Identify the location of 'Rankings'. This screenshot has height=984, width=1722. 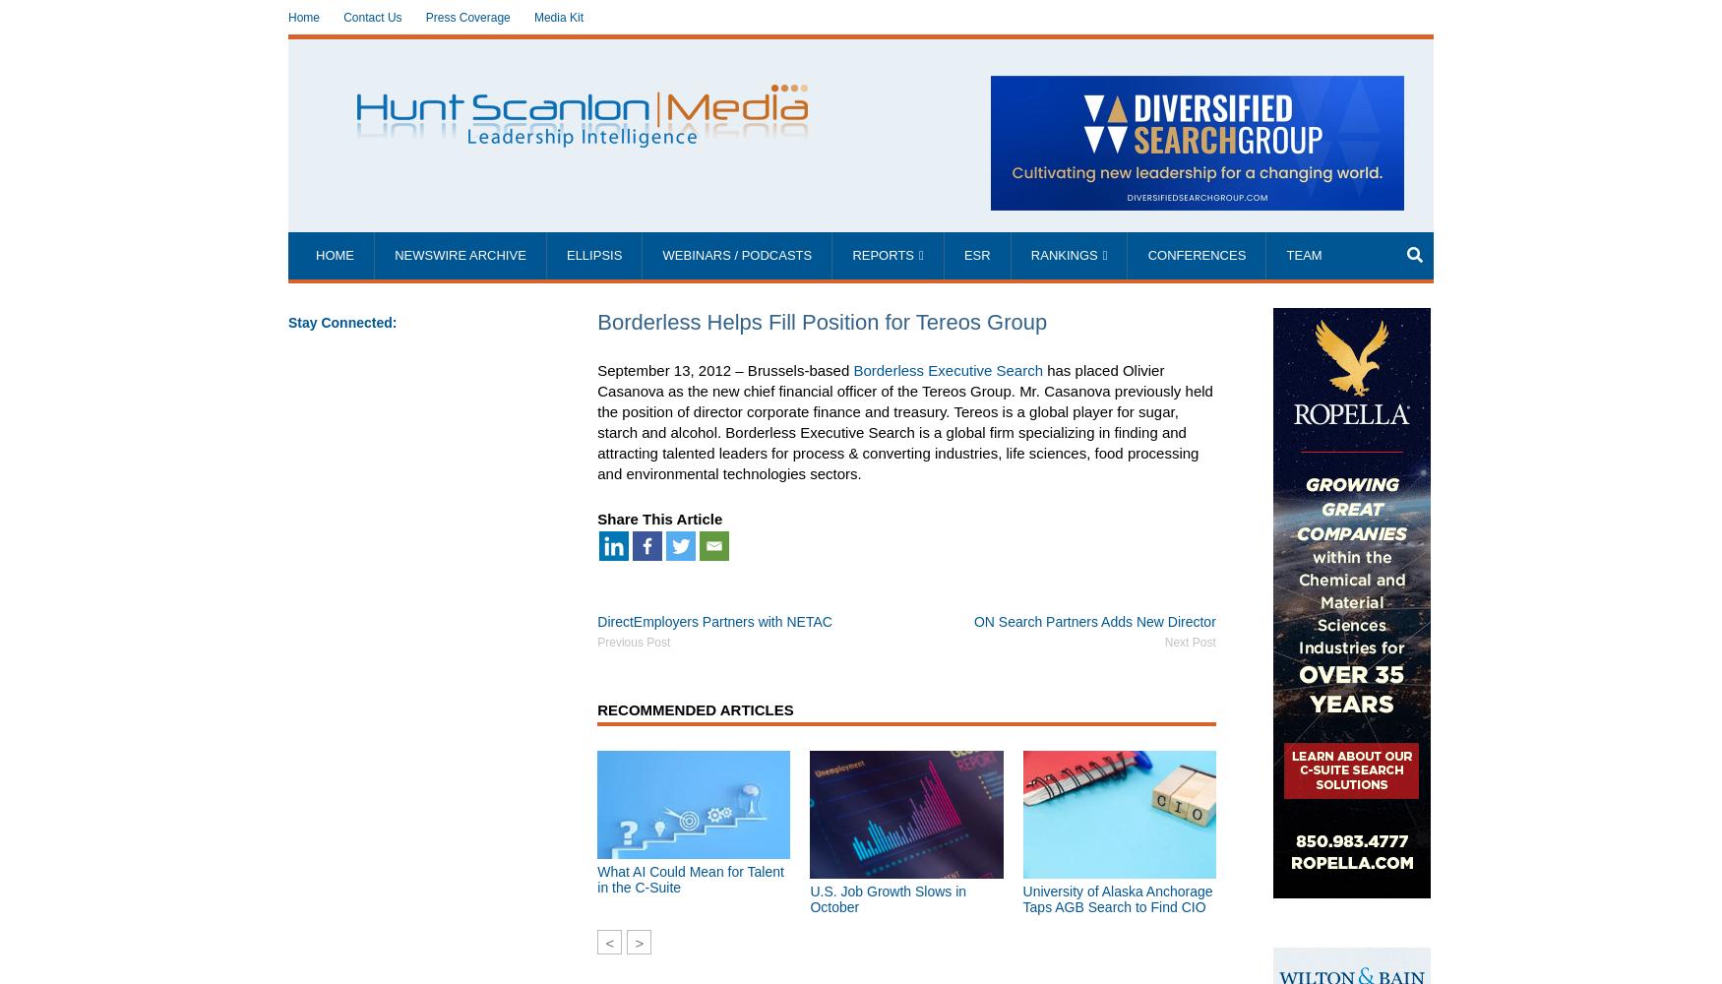
(1063, 255).